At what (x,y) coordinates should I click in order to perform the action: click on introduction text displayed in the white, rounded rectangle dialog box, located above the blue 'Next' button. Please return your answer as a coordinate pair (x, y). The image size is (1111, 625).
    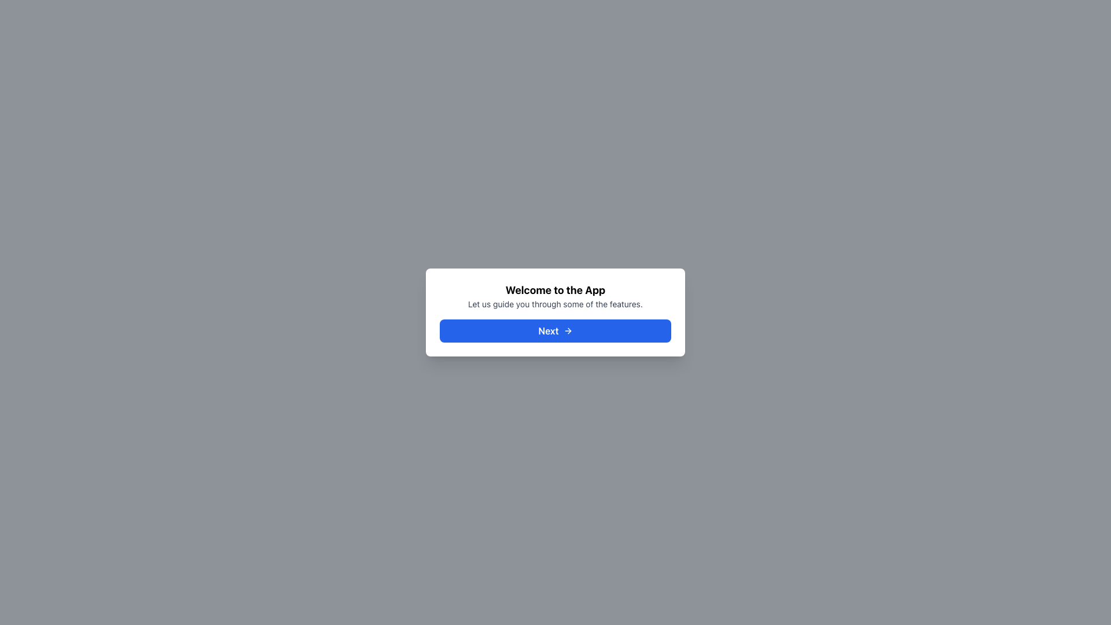
    Looking at the image, I should click on (555, 296).